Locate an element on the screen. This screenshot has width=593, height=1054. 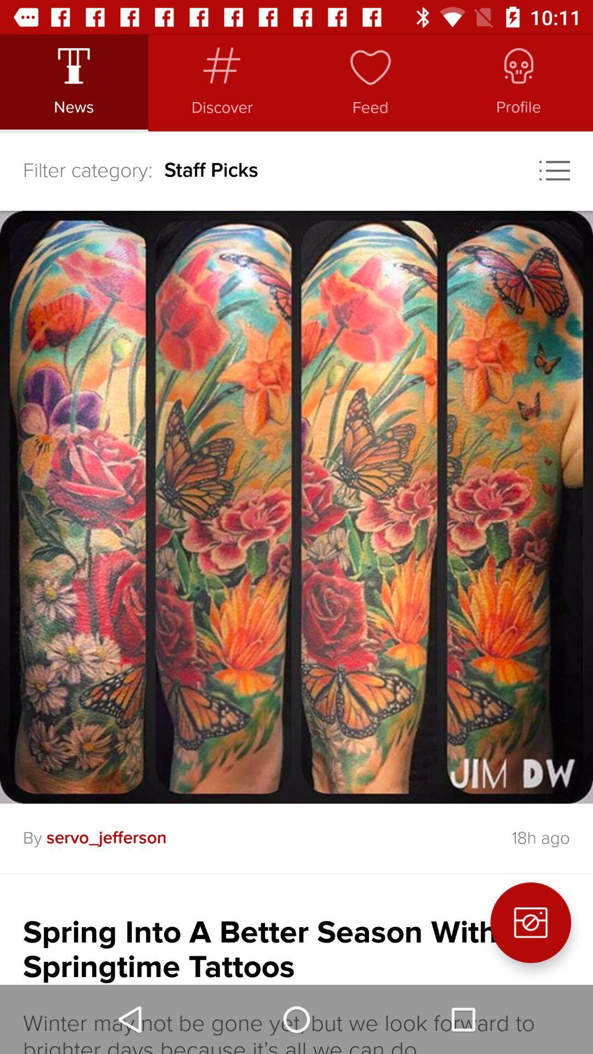
the photo icon is located at coordinates (530, 922).